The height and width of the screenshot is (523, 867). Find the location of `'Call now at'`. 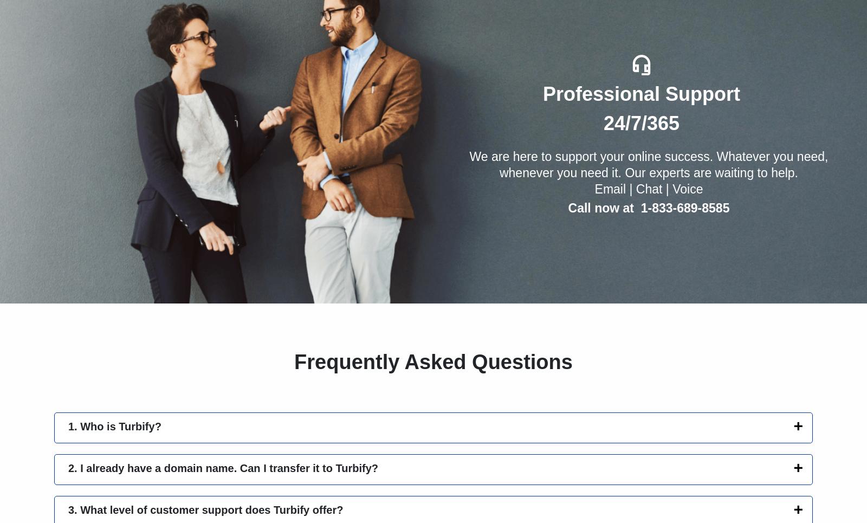

'Call now at' is located at coordinates (568, 207).